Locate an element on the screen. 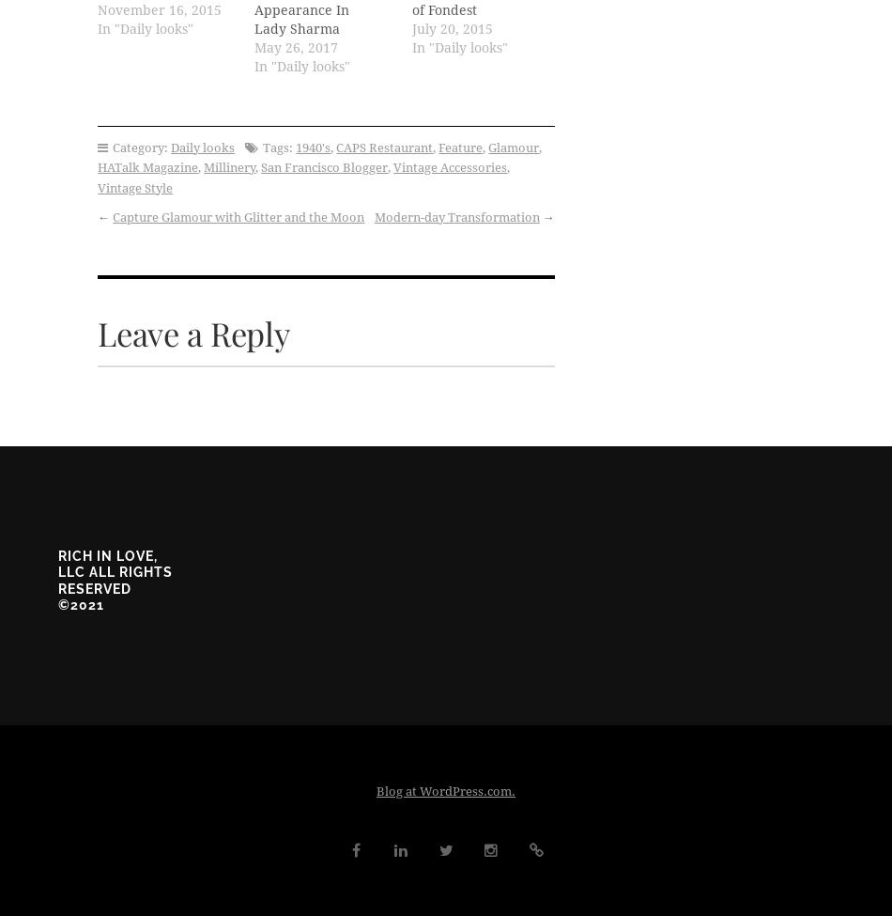 This screenshot has height=916, width=892. 'San Francisco Blogger' is located at coordinates (323, 166).